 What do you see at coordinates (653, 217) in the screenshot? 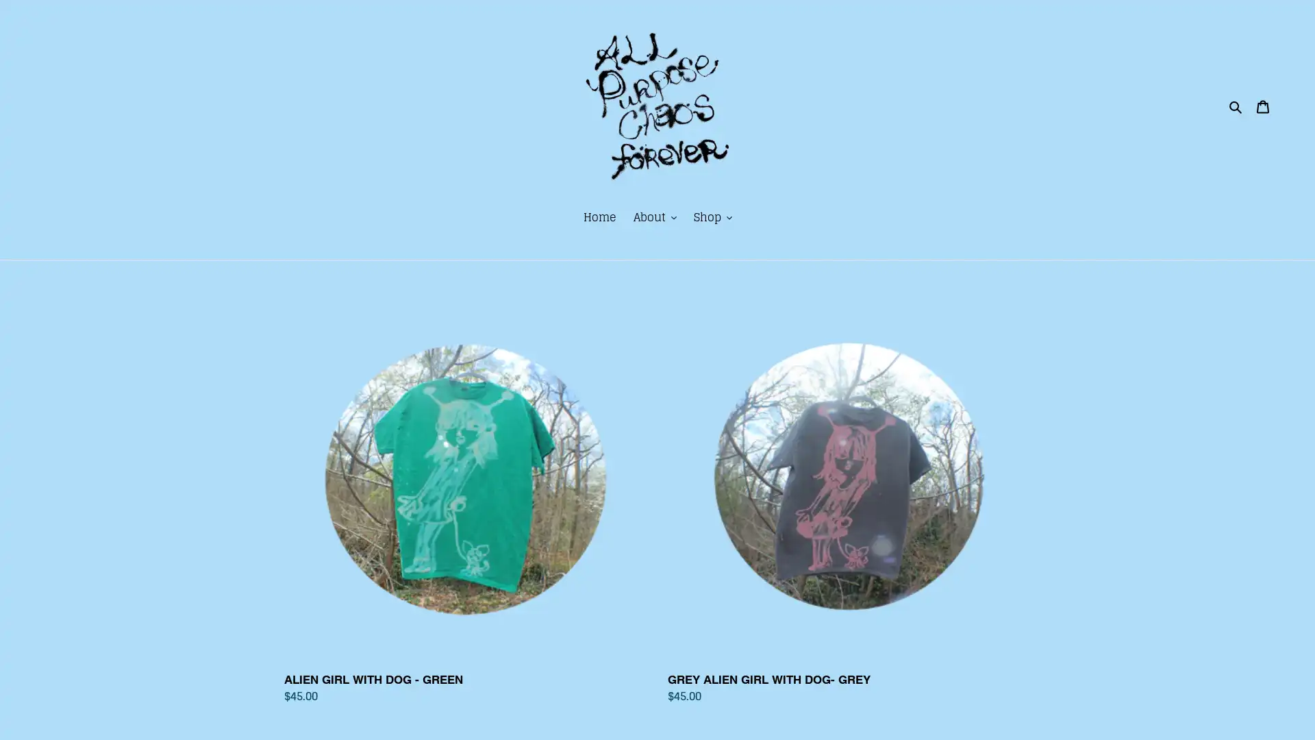
I see `About` at bounding box center [653, 217].